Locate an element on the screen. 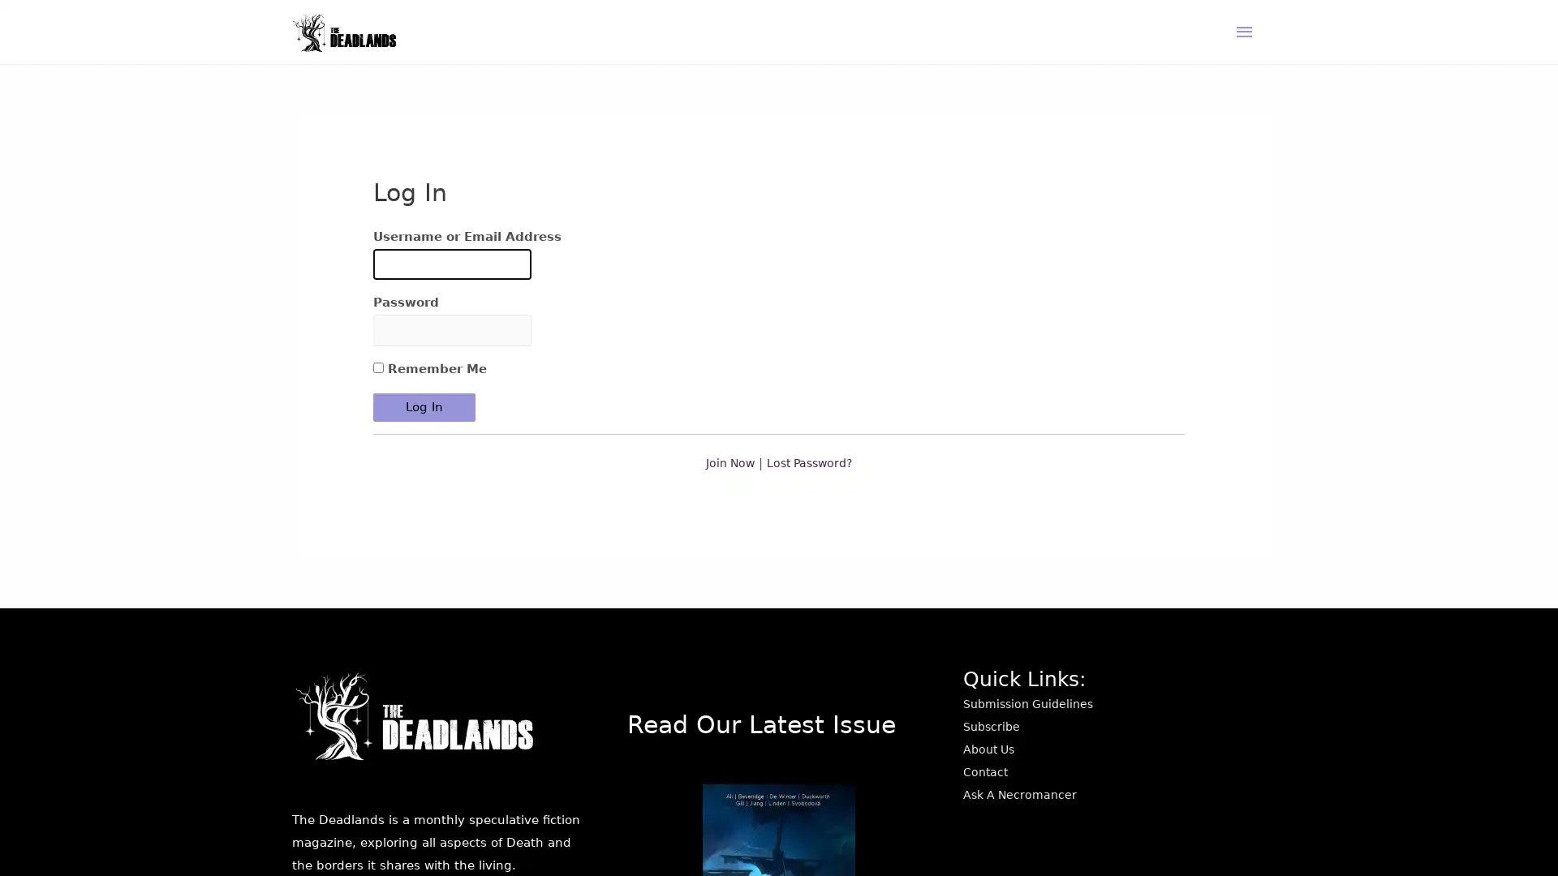 The image size is (1558, 876). Log In is located at coordinates (424, 449).